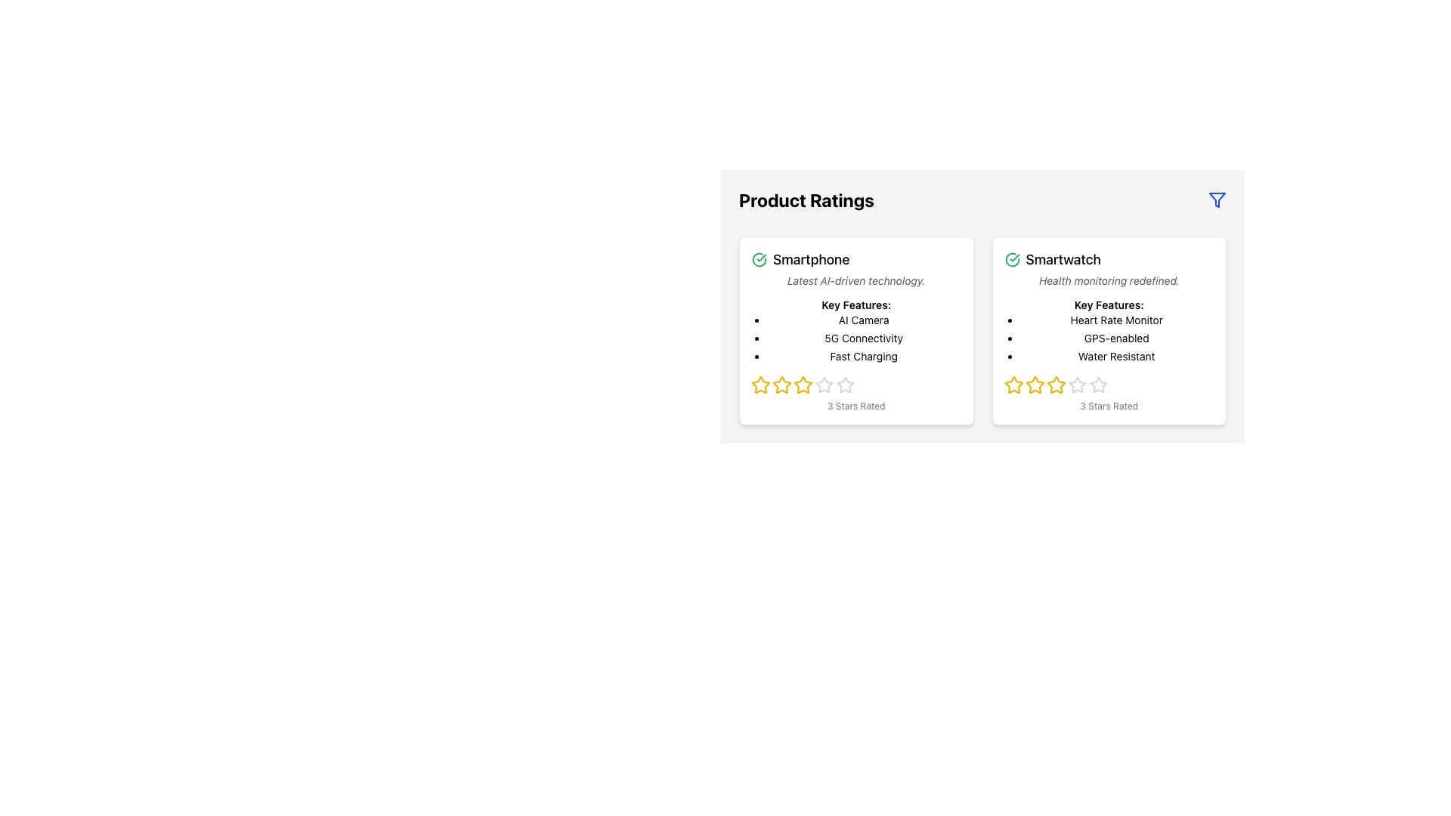 This screenshot has height=816, width=1451. I want to click on the second star in the star-based rating system on the left product card (Smartphone) to adjust the rating, so click(781, 384).